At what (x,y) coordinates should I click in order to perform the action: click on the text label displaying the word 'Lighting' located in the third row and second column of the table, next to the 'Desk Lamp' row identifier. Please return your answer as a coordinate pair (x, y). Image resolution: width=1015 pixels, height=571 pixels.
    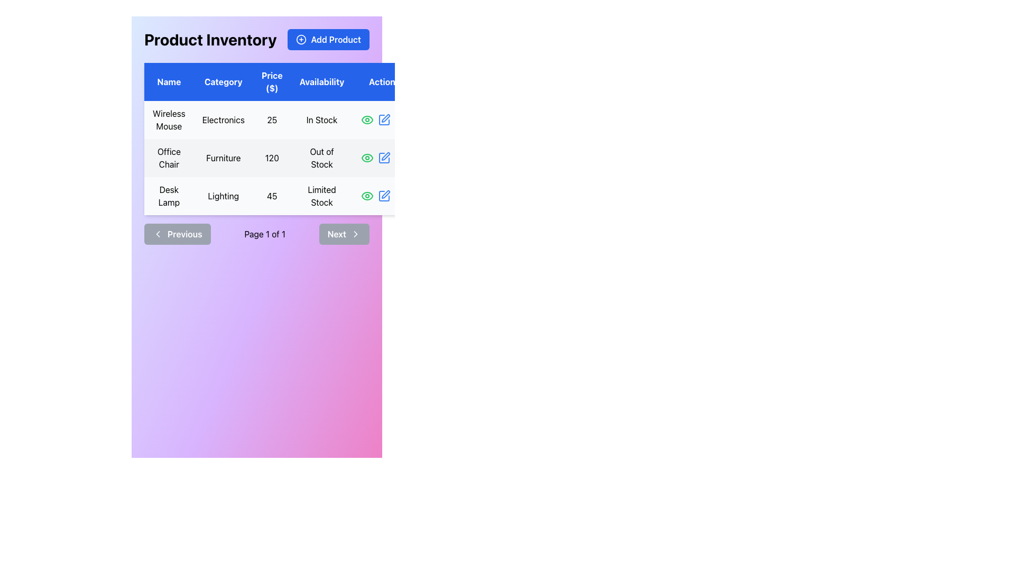
    Looking at the image, I should click on (223, 196).